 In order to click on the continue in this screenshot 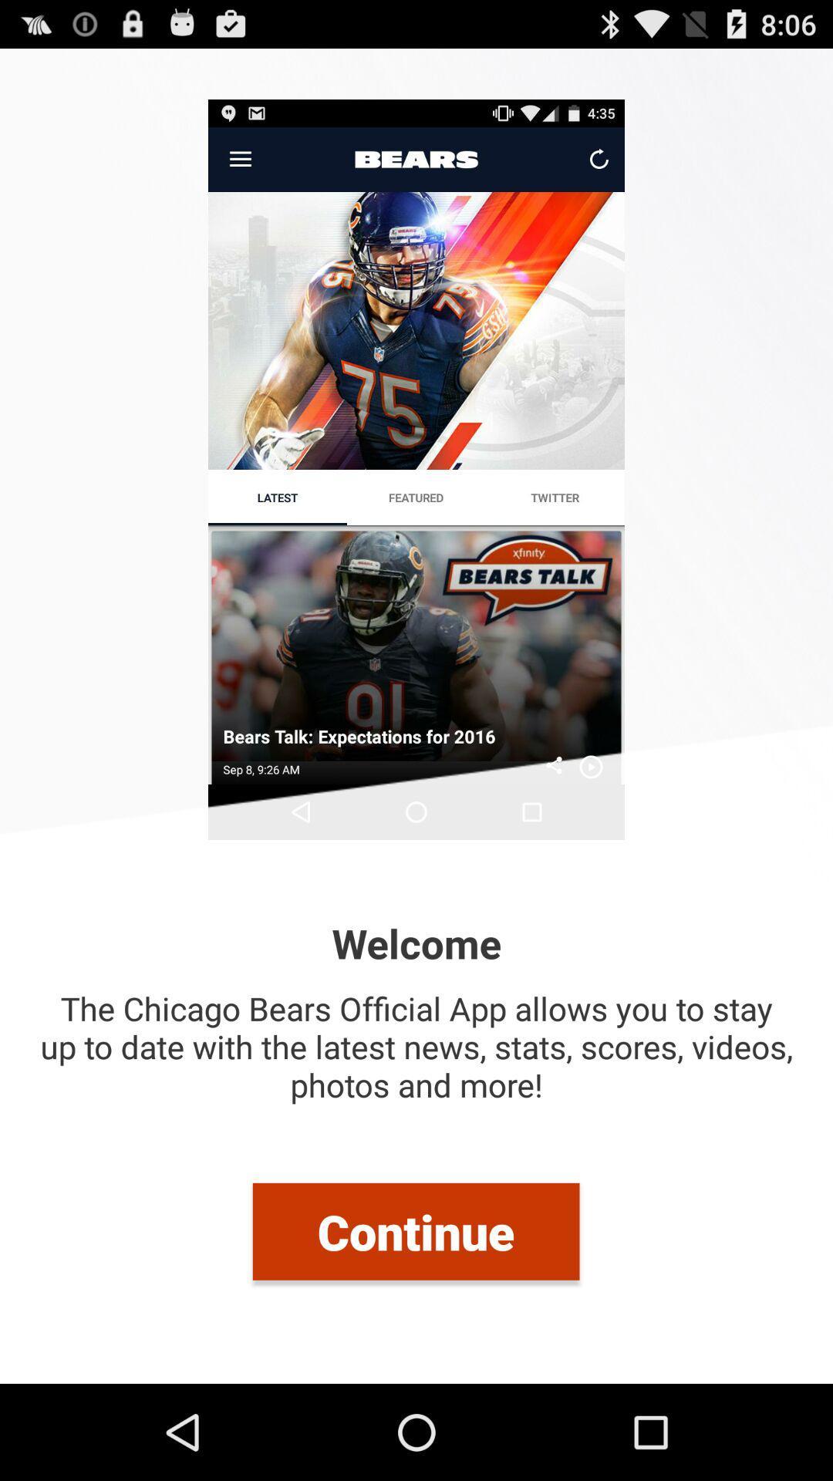, I will do `click(415, 1230)`.